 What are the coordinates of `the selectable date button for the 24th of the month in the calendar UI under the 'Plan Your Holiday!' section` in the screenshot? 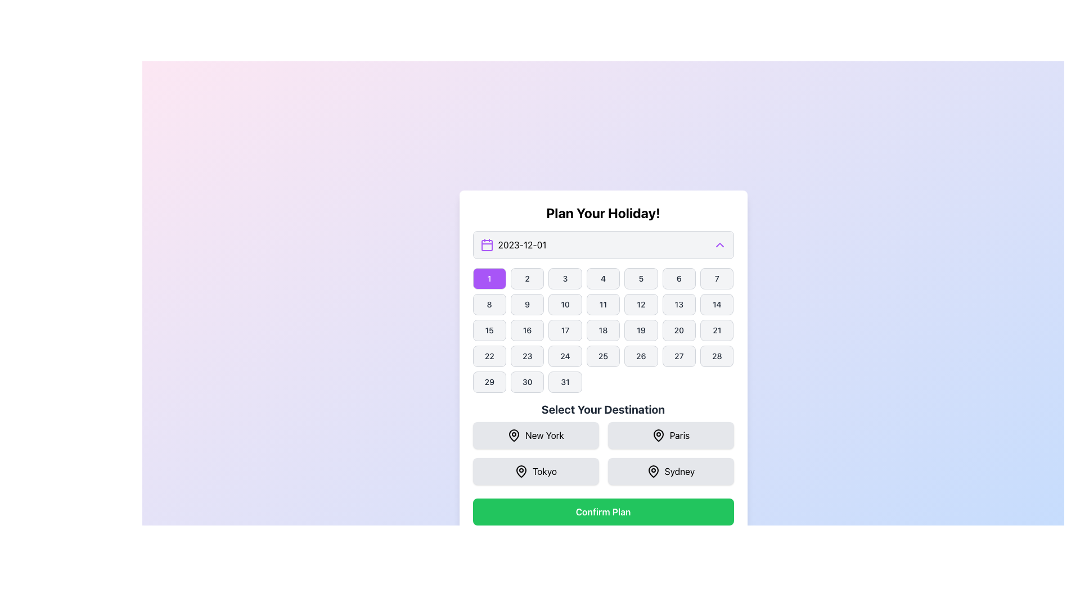 It's located at (565, 356).